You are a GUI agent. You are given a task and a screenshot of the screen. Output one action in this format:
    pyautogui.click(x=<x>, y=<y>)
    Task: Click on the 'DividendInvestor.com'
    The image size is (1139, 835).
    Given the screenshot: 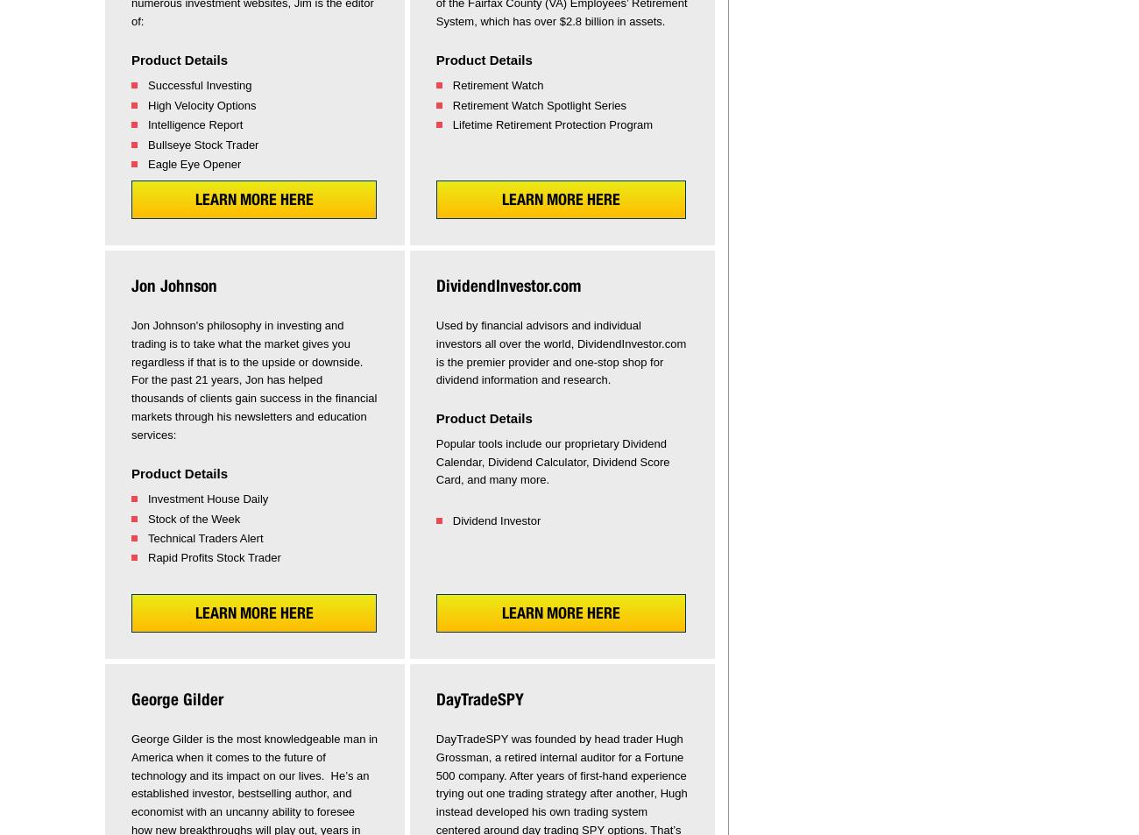 What is the action you would take?
    pyautogui.click(x=506, y=285)
    